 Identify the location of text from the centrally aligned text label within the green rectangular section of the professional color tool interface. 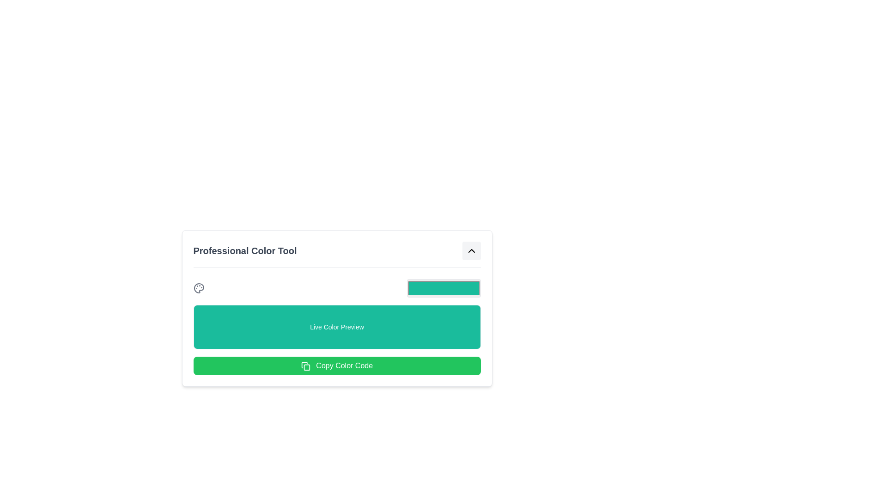
(336, 327).